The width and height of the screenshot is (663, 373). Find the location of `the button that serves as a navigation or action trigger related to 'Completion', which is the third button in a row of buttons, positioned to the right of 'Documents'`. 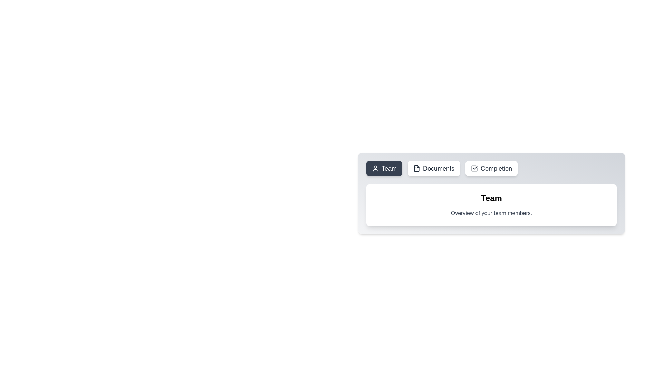

the button that serves as a navigation or action trigger related to 'Completion', which is the third button in a row of buttons, positioned to the right of 'Documents' is located at coordinates (491, 169).